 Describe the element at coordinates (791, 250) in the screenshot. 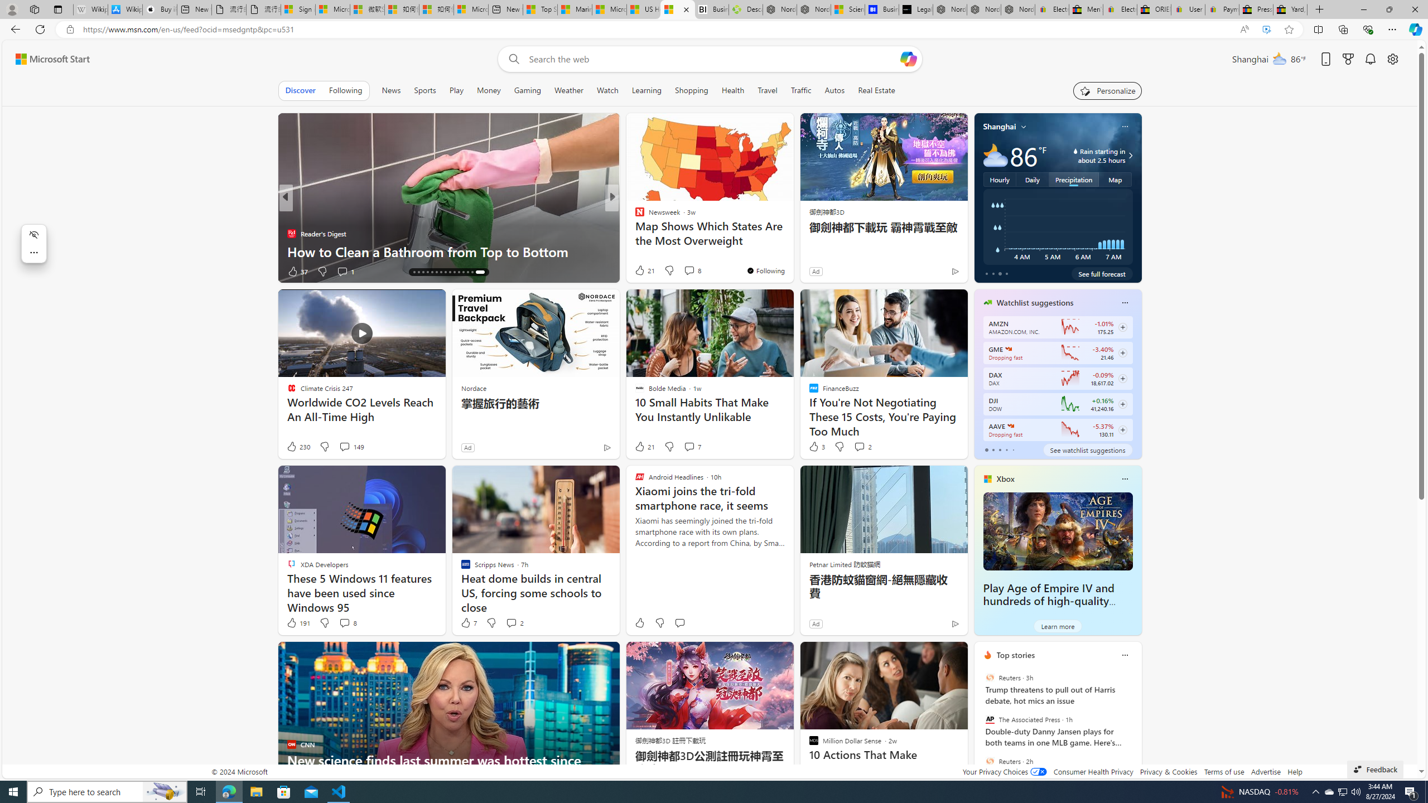

I see `'14 Funny Ways People Try to Save Money'` at that location.